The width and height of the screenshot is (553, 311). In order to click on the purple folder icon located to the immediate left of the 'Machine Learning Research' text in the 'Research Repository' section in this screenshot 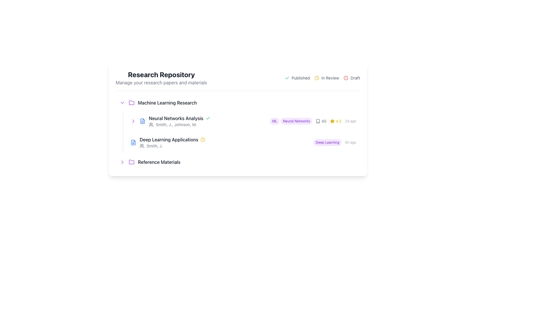, I will do `click(131, 103)`.